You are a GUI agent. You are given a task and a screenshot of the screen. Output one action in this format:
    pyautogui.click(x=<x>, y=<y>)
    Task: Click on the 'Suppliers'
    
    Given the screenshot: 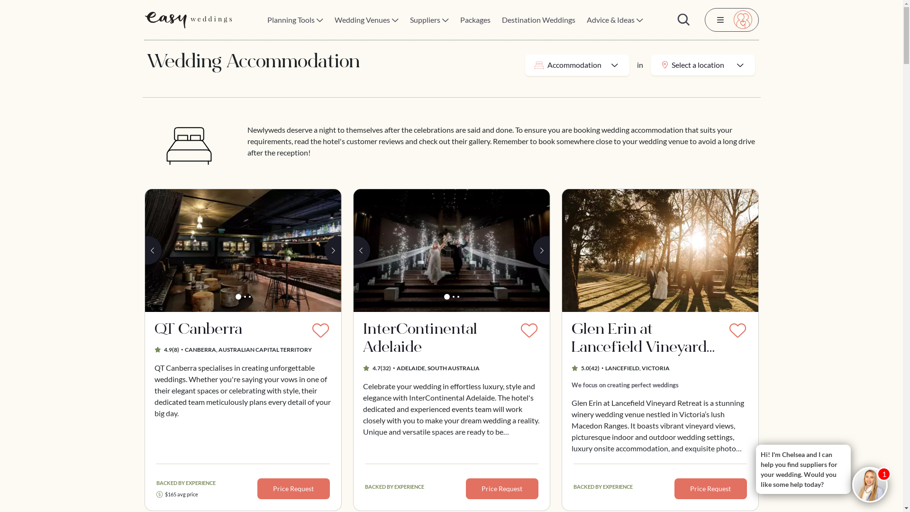 What is the action you would take?
    pyautogui.click(x=429, y=20)
    